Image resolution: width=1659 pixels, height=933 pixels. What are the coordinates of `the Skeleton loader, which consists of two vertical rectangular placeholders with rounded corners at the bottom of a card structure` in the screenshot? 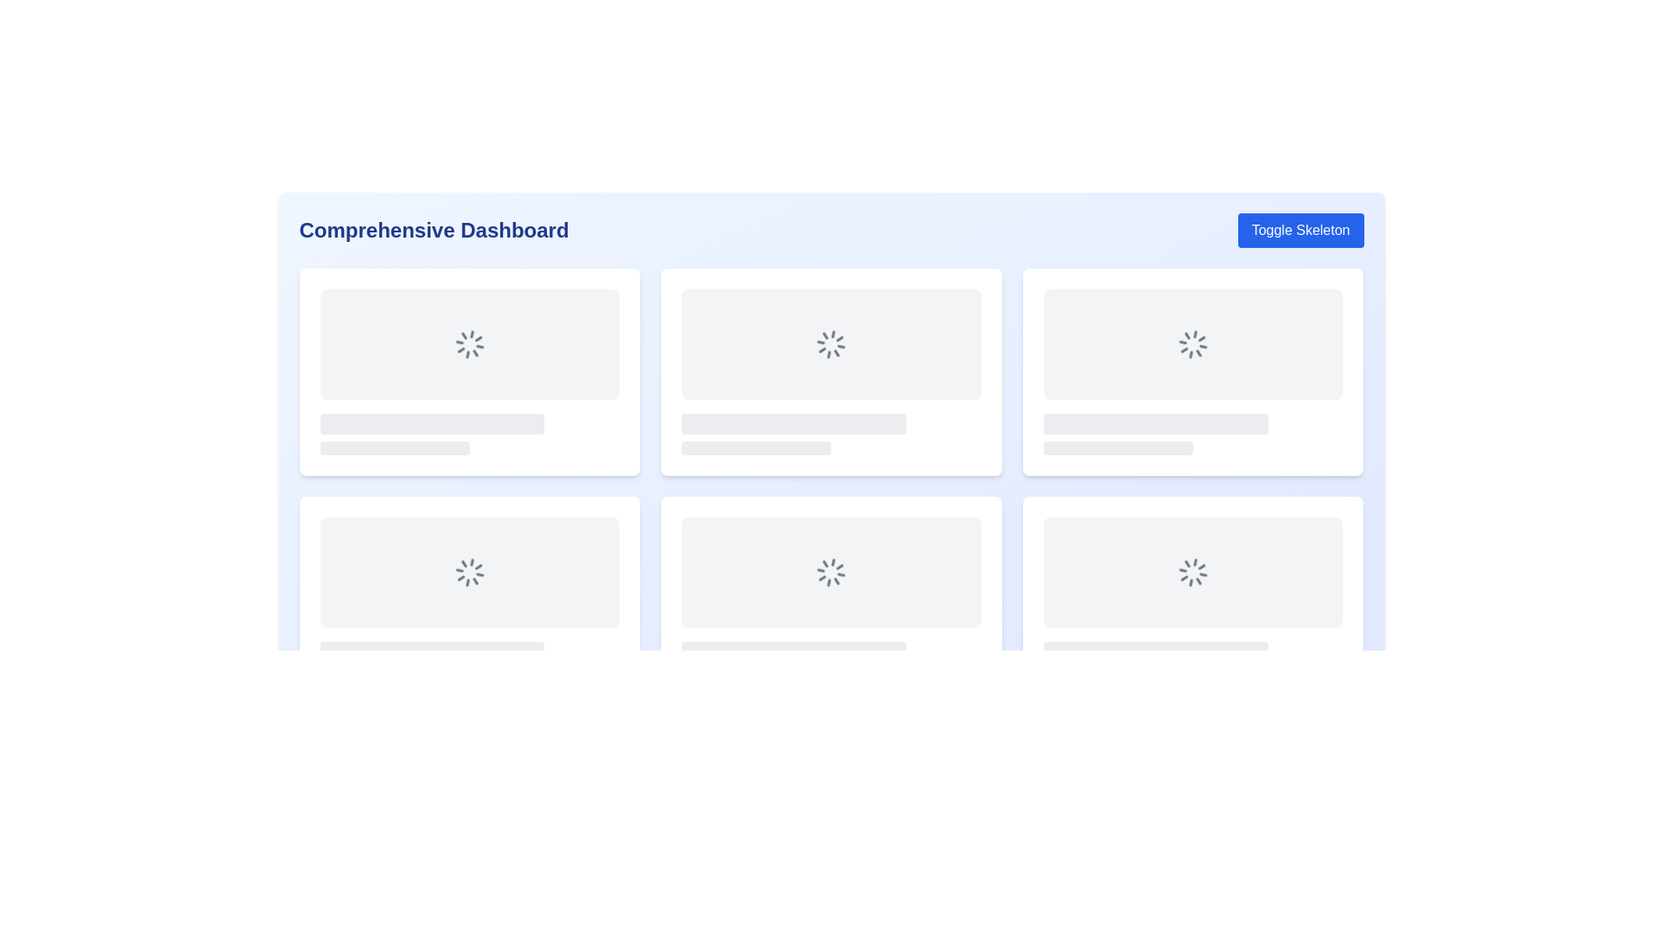 It's located at (831, 662).